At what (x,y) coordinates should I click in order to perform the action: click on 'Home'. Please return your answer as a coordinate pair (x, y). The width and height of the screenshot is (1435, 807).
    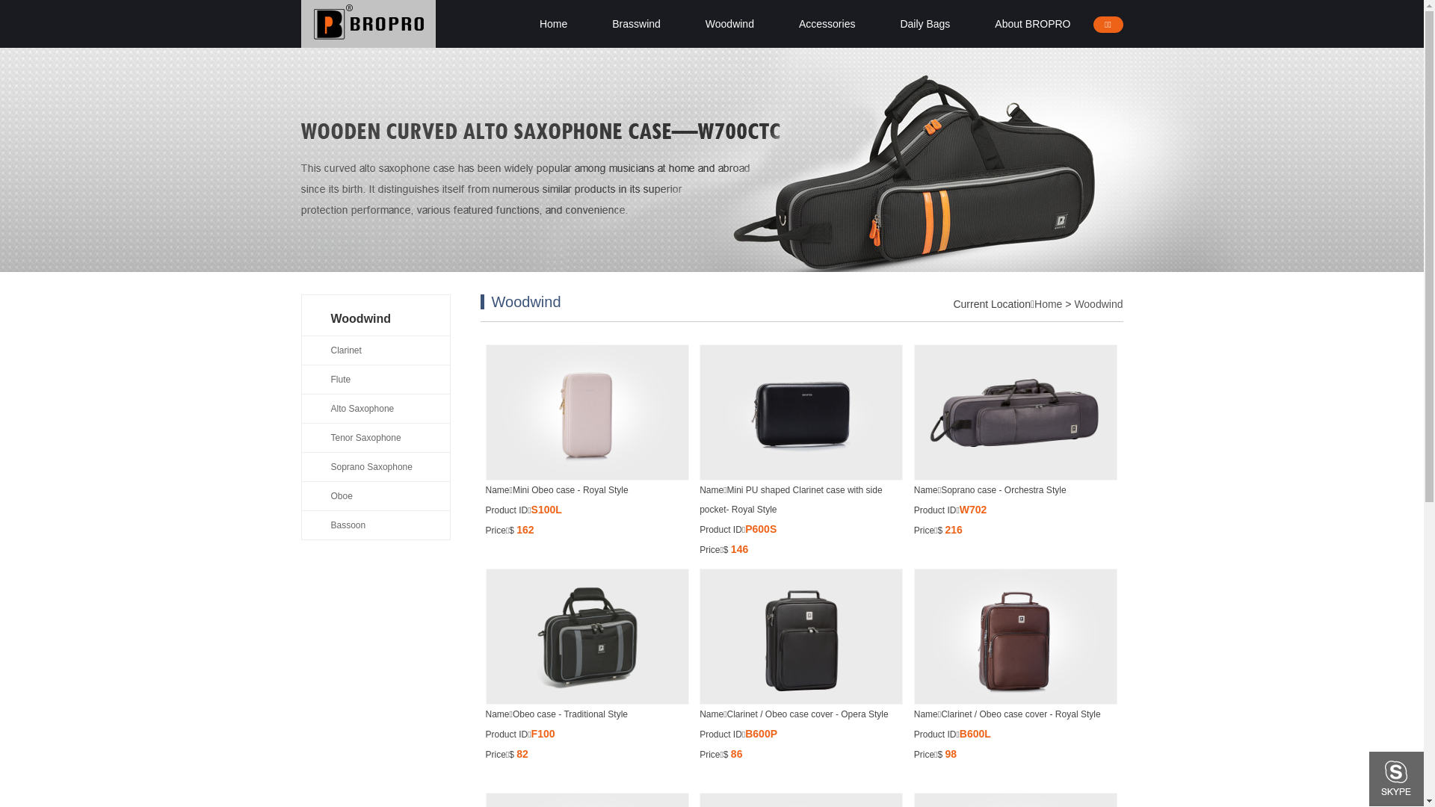
    Looking at the image, I should click on (1033, 303).